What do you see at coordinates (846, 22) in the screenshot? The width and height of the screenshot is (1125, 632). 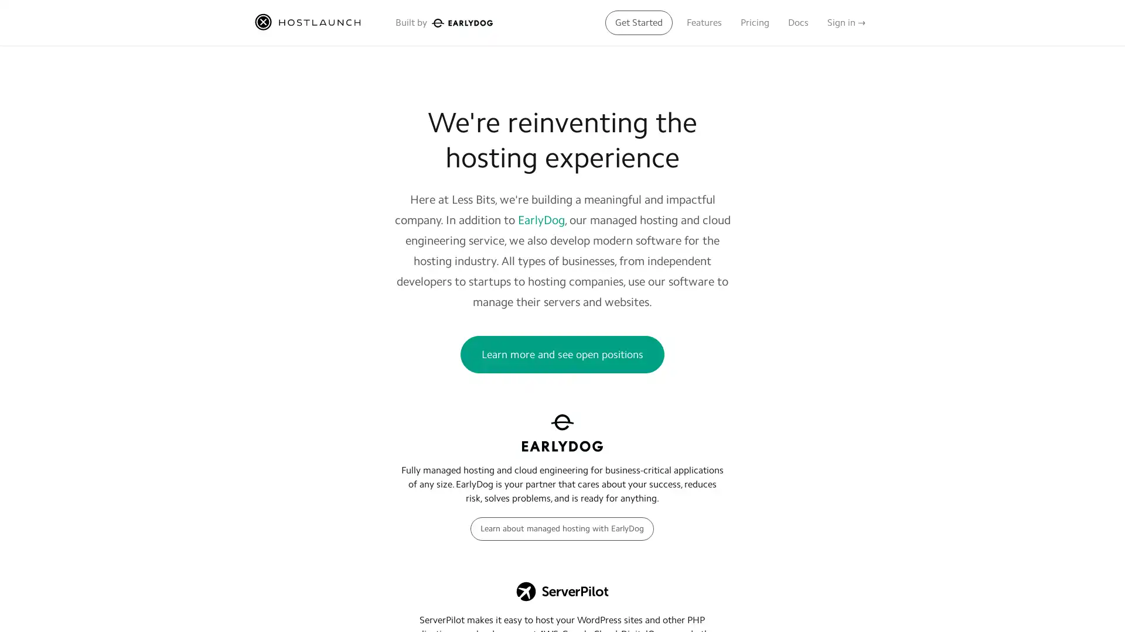 I see `Sign in` at bounding box center [846, 22].